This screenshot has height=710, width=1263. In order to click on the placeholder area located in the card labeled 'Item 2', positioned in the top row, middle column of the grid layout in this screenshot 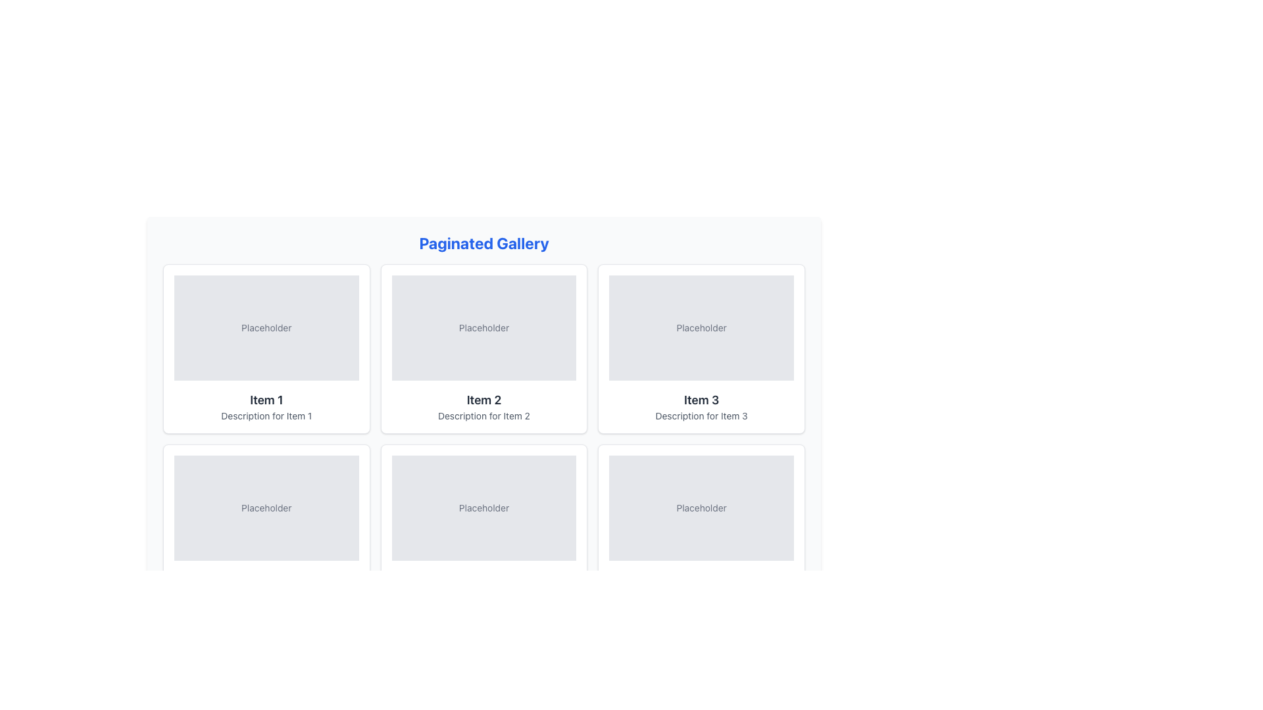, I will do `click(483, 327)`.